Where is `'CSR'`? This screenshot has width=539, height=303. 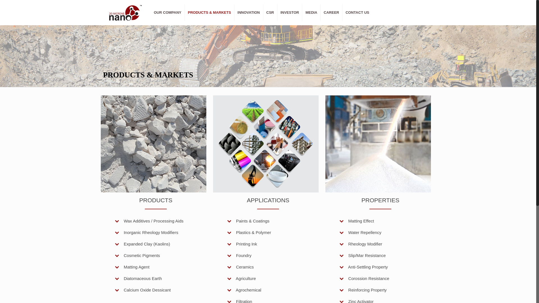
'CSR' is located at coordinates (270, 13).